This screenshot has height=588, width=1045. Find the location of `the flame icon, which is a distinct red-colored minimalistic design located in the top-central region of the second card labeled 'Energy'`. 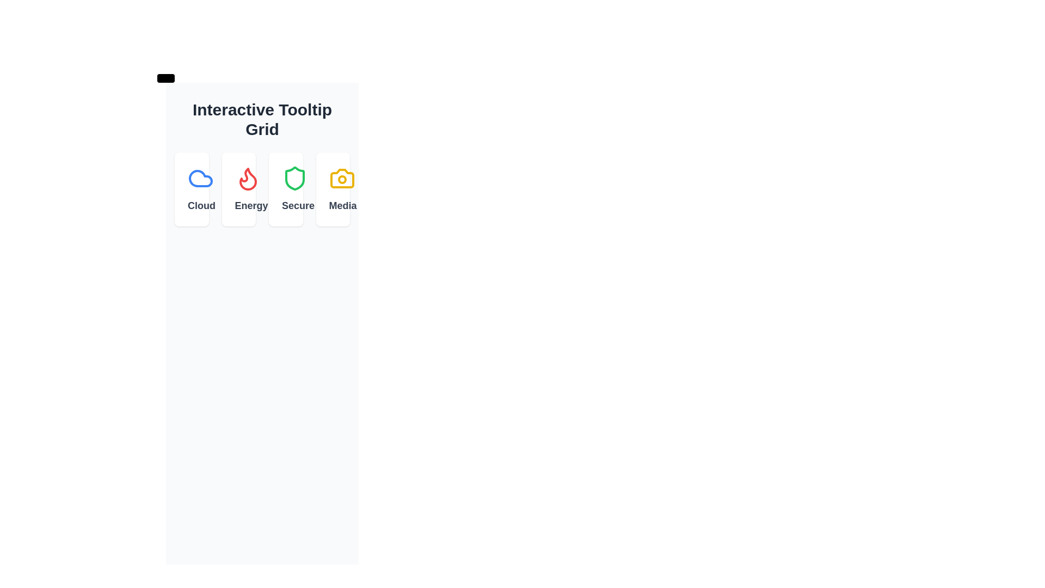

the flame icon, which is a distinct red-colored minimalistic design located in the top-central region of the second card labeled 'Energy' is located at coordinates (247, 178).